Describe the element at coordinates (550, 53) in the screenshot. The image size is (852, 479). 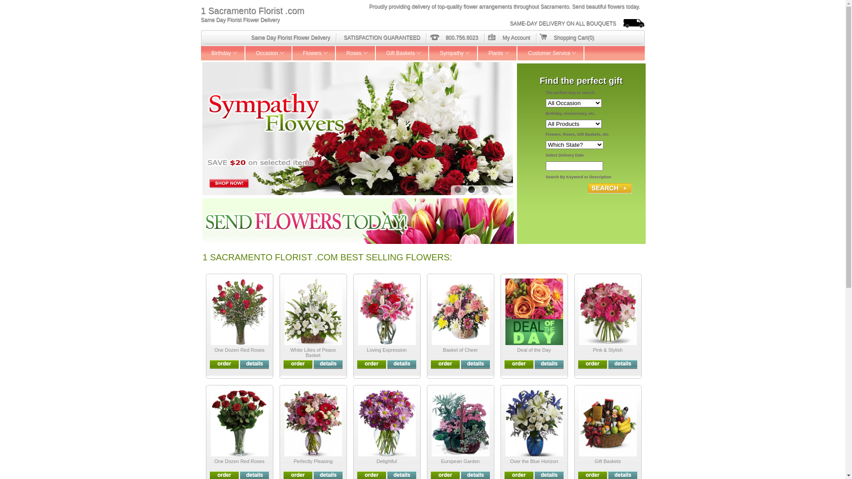
I see `'Customer Service'` at that location.